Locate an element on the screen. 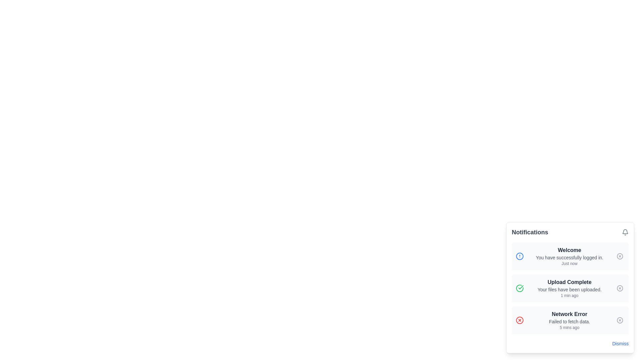  the white circle with a thin dark outline located to the right of the 'Upload Complete' notification in the bottom-right corner of the notification panel is located at coordinates (620, 288).